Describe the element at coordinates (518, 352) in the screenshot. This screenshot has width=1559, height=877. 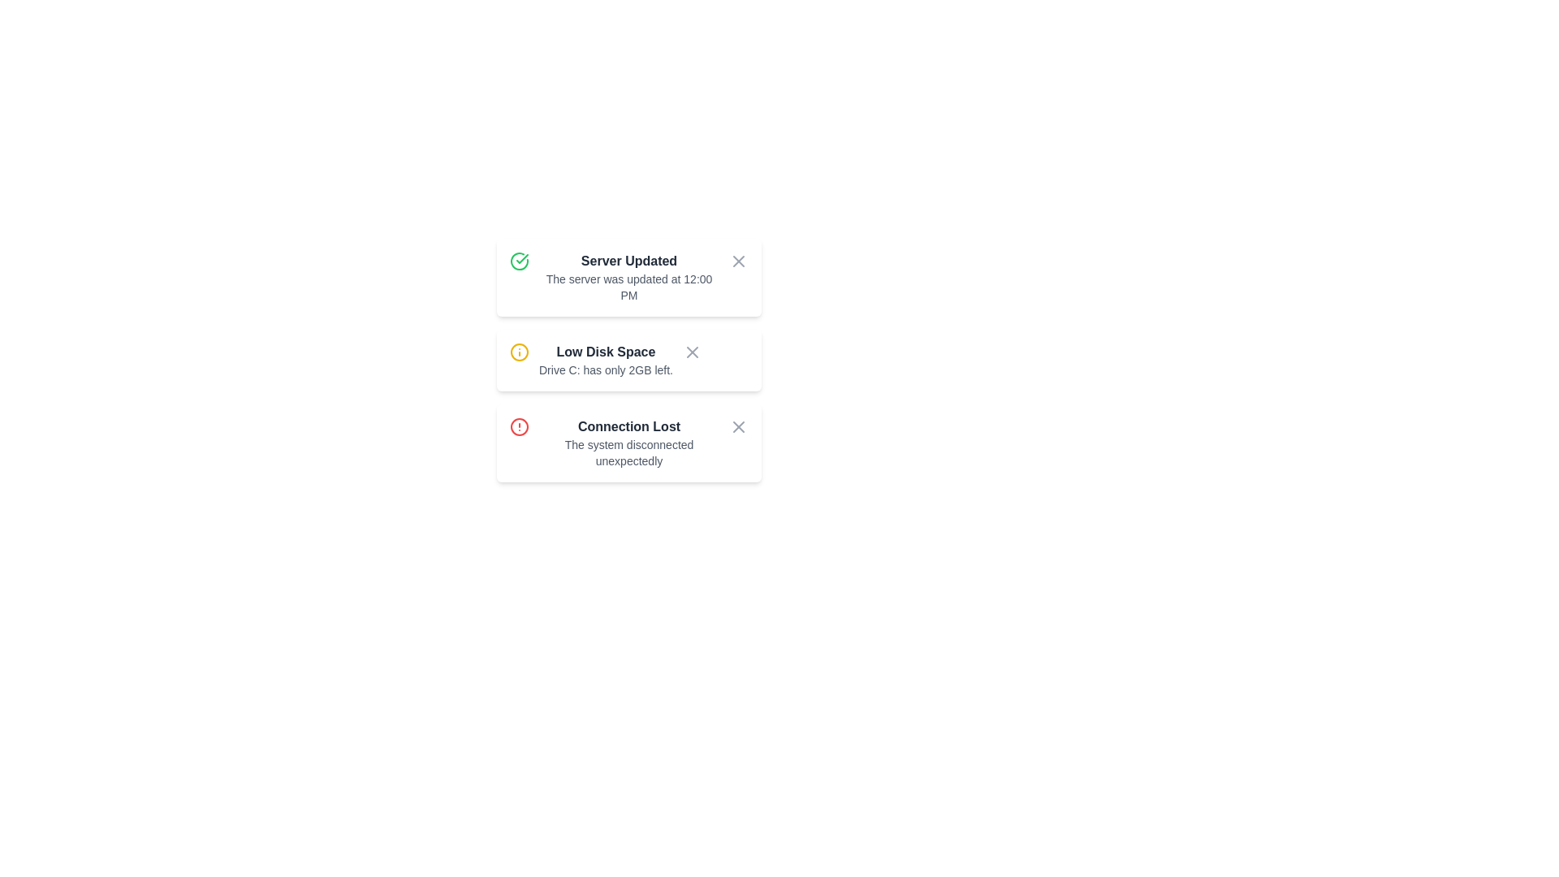
I see `the warning icon located on the left side of the notification box that indicates 'Low Disk Space'` at that location.